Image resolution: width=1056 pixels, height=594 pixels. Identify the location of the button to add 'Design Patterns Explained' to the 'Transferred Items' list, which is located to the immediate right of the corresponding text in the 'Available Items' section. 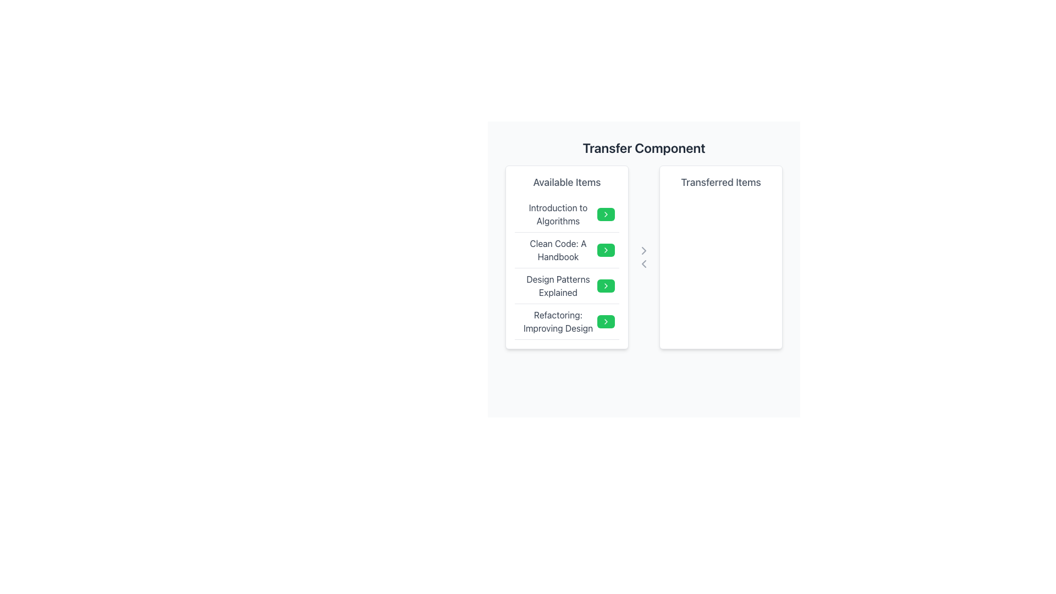
(606, 285).